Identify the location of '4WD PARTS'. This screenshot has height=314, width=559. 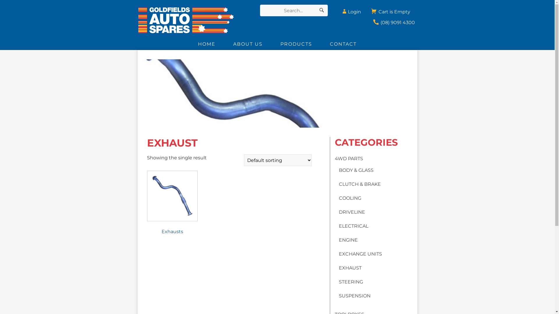
(349, 158).